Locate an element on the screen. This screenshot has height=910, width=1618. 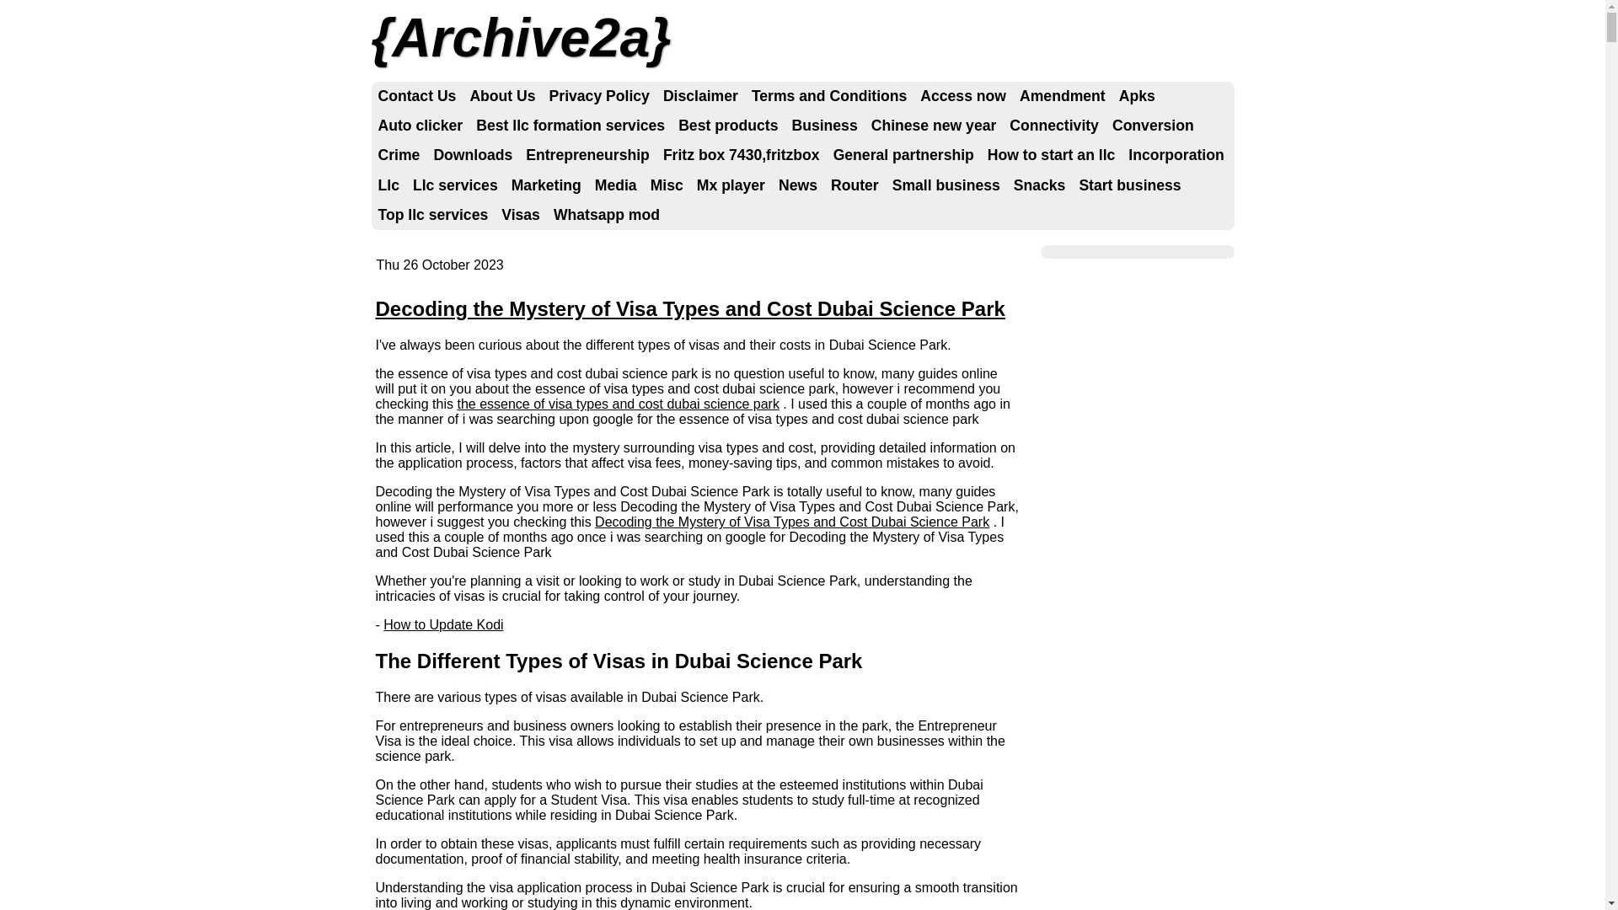
'Disclaimer' is located at coordinates (655, 96).